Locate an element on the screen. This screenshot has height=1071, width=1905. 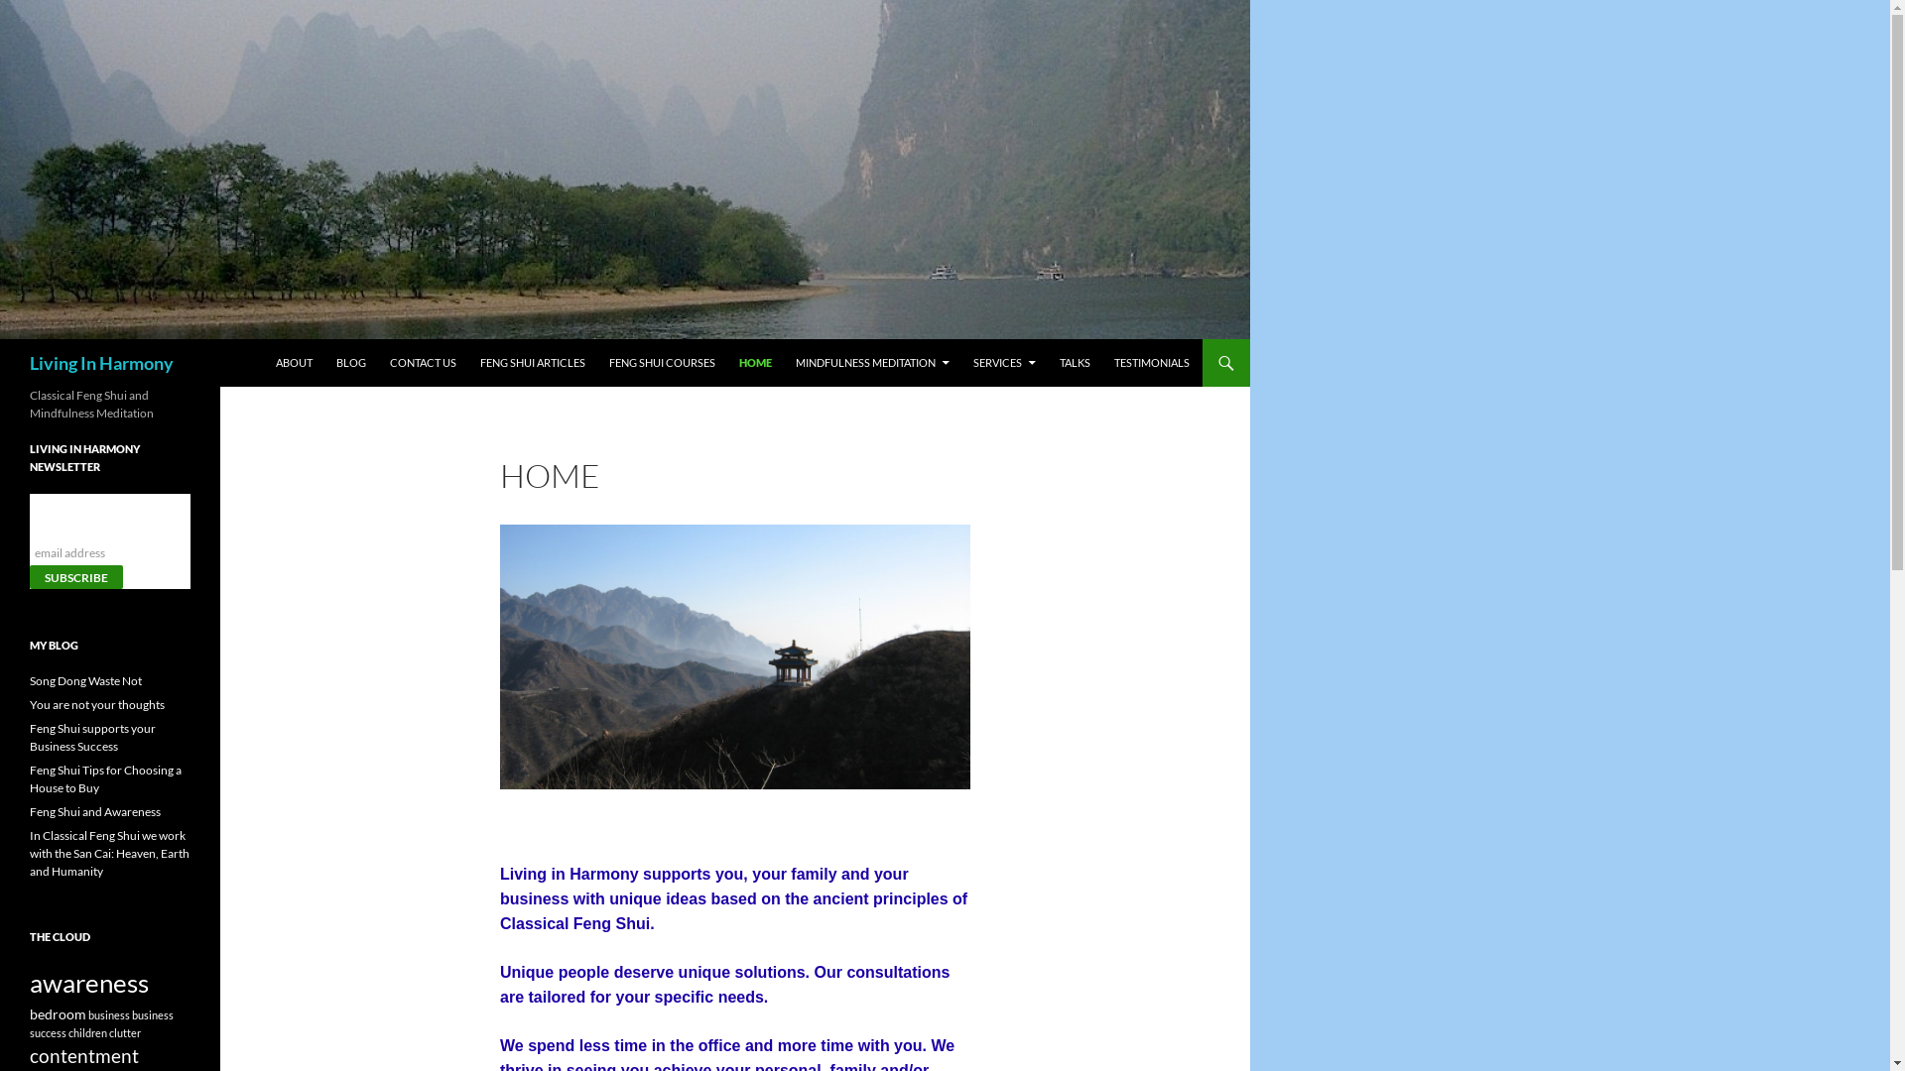
'TESTIMONIALS' is located at coordinates (1152, 363).